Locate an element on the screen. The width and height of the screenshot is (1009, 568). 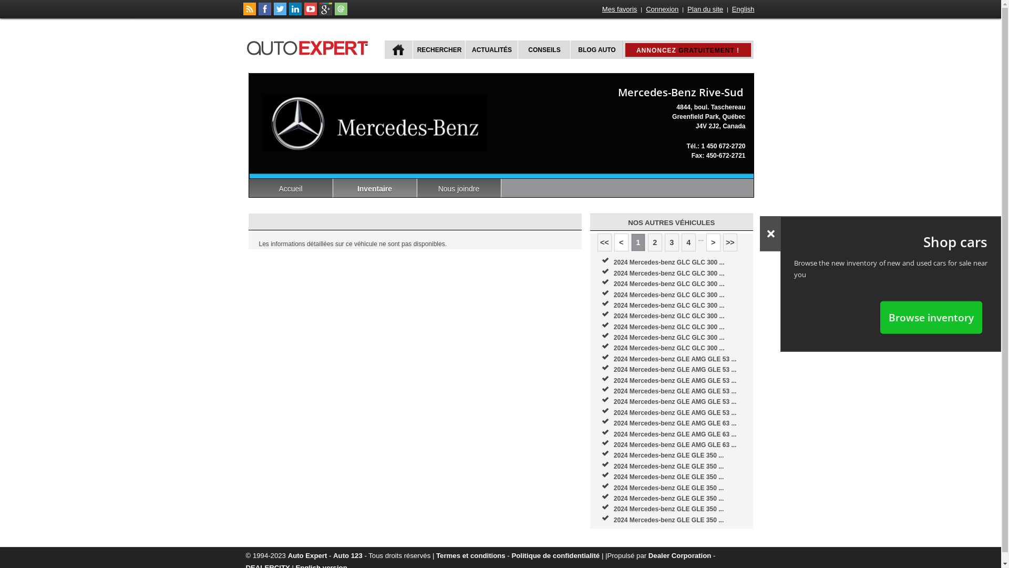
'Suivez autoExpert.ca sur Google Plus' is located at coordinates (319, 13).